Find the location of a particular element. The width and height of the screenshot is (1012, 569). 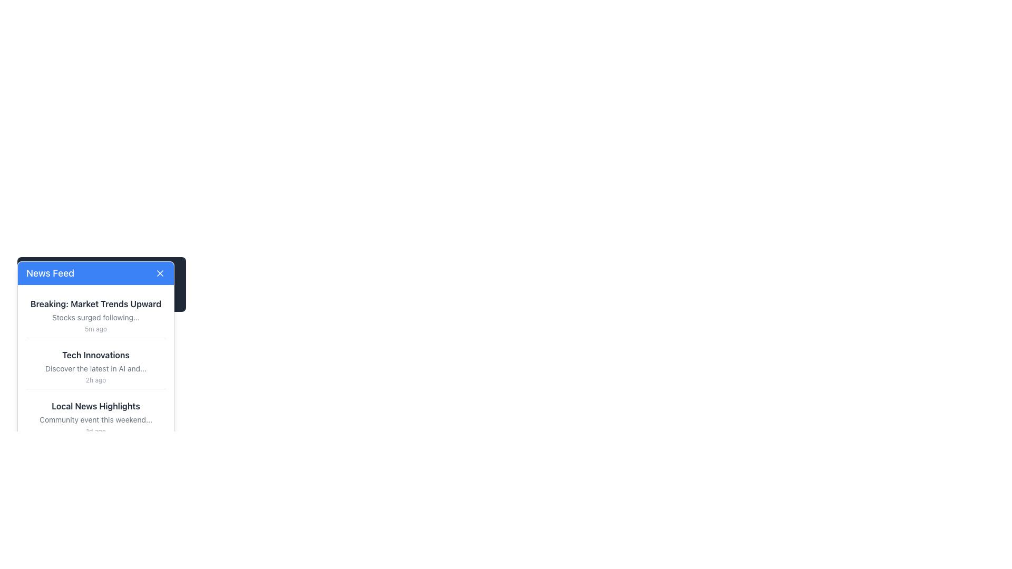

a headline in the News Feed section is located at coordinates (96, 366).